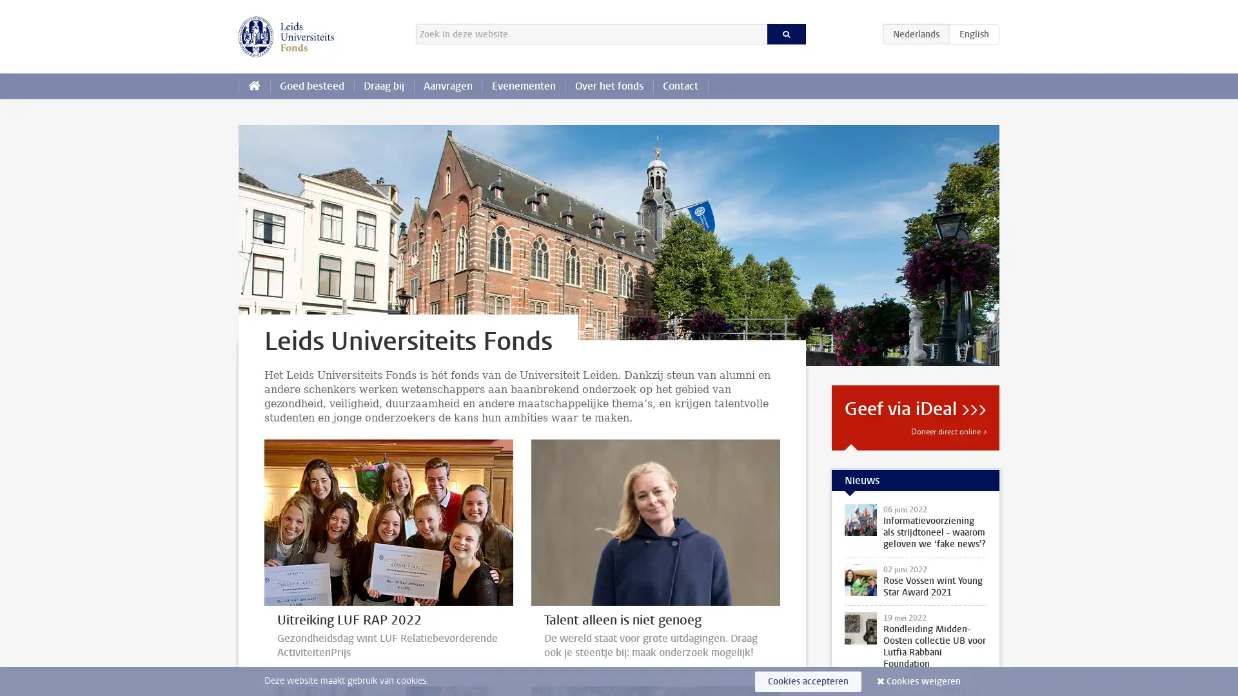 The width and height of the screenshot is (1238, 696). Describe the element at coordinates (785, 34) in the screenshot. I see `Zoeken` at that location.